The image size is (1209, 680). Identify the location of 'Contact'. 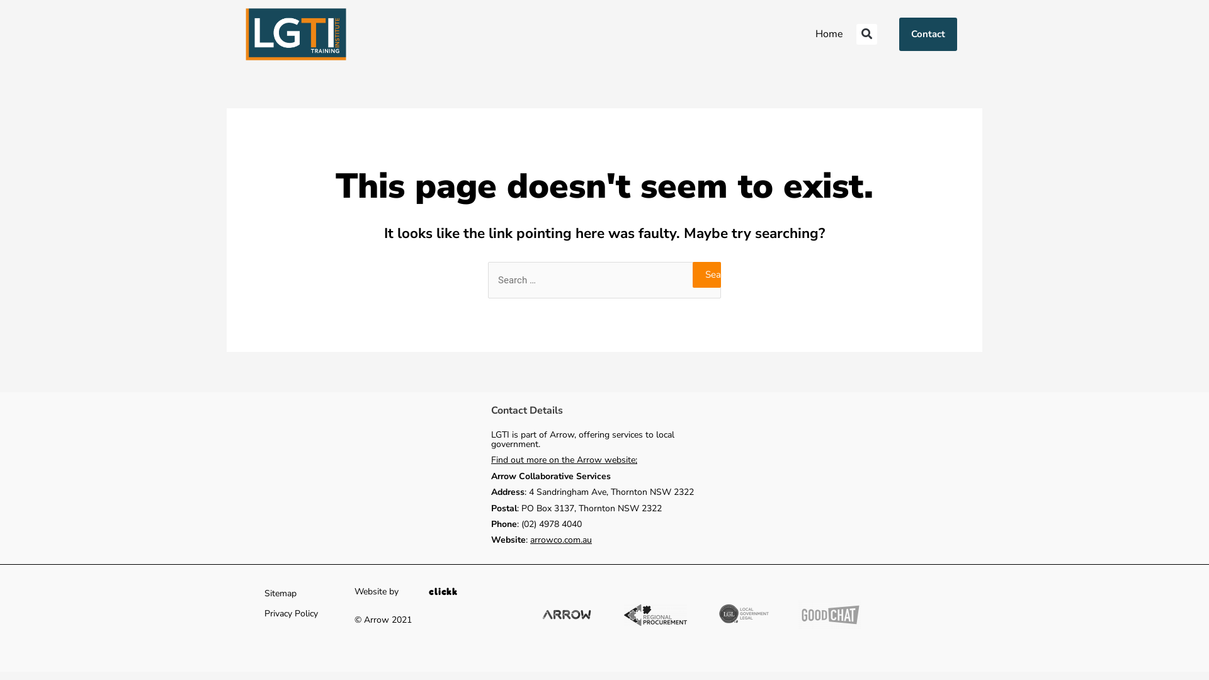
(928, 33).